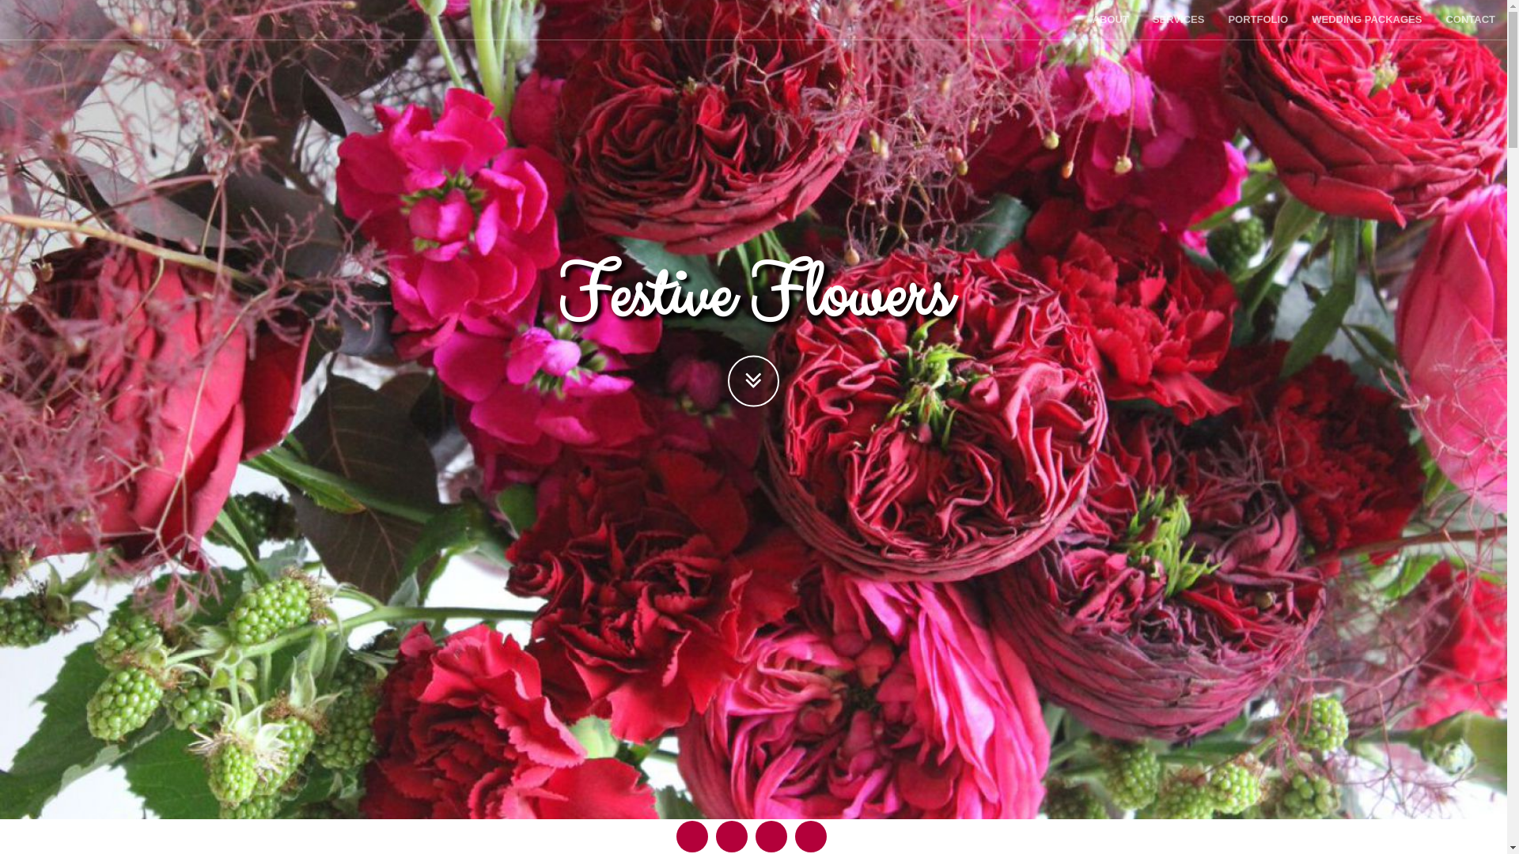 This screenshot has height=854, width=1519. What do you see at coordinates (1256, 19) in the screenshot?
I see `'PORTFOLIO'` at bounding box center [1256, 19].